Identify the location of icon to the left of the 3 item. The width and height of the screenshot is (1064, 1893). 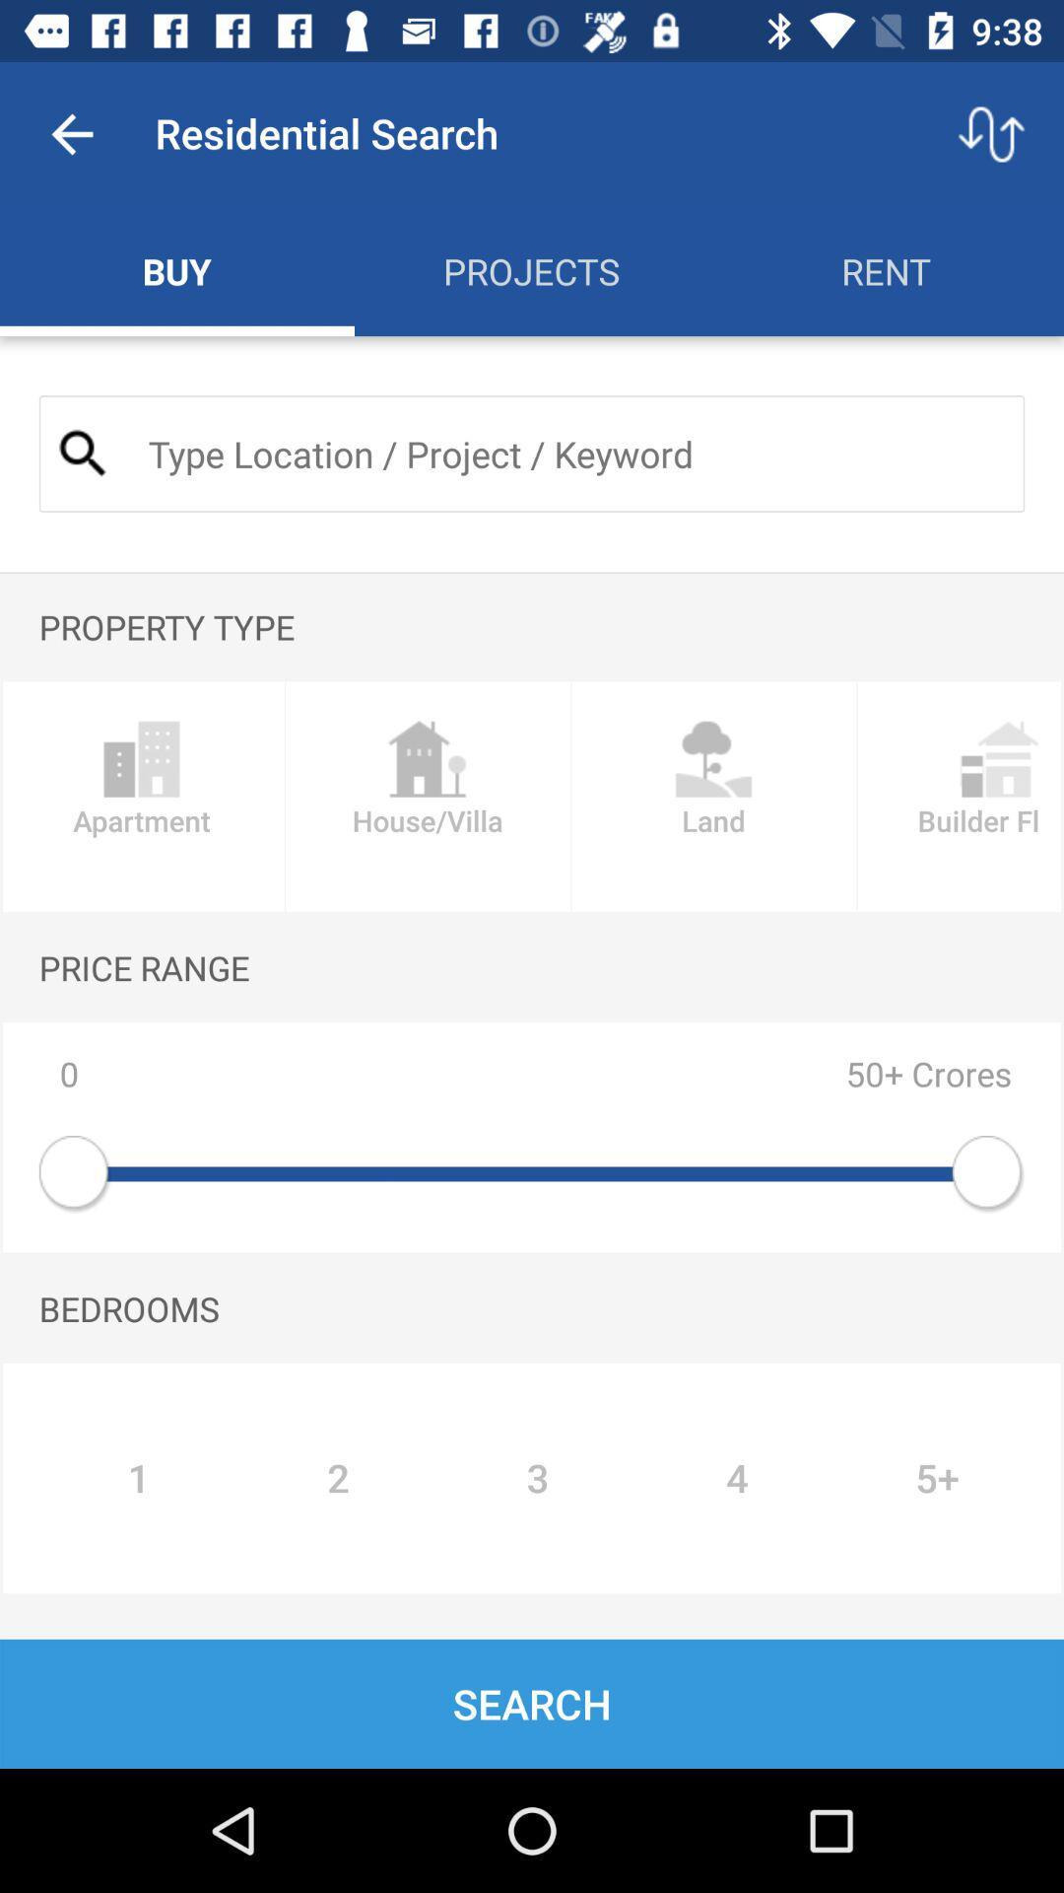
(337, 1478).